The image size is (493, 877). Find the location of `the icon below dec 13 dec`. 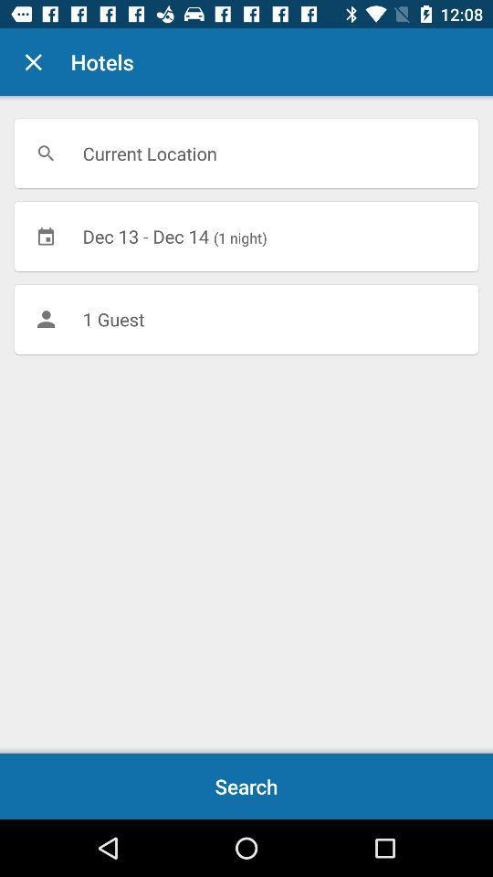

the icon below dec 13 dec is located at coordinates (246, 319).